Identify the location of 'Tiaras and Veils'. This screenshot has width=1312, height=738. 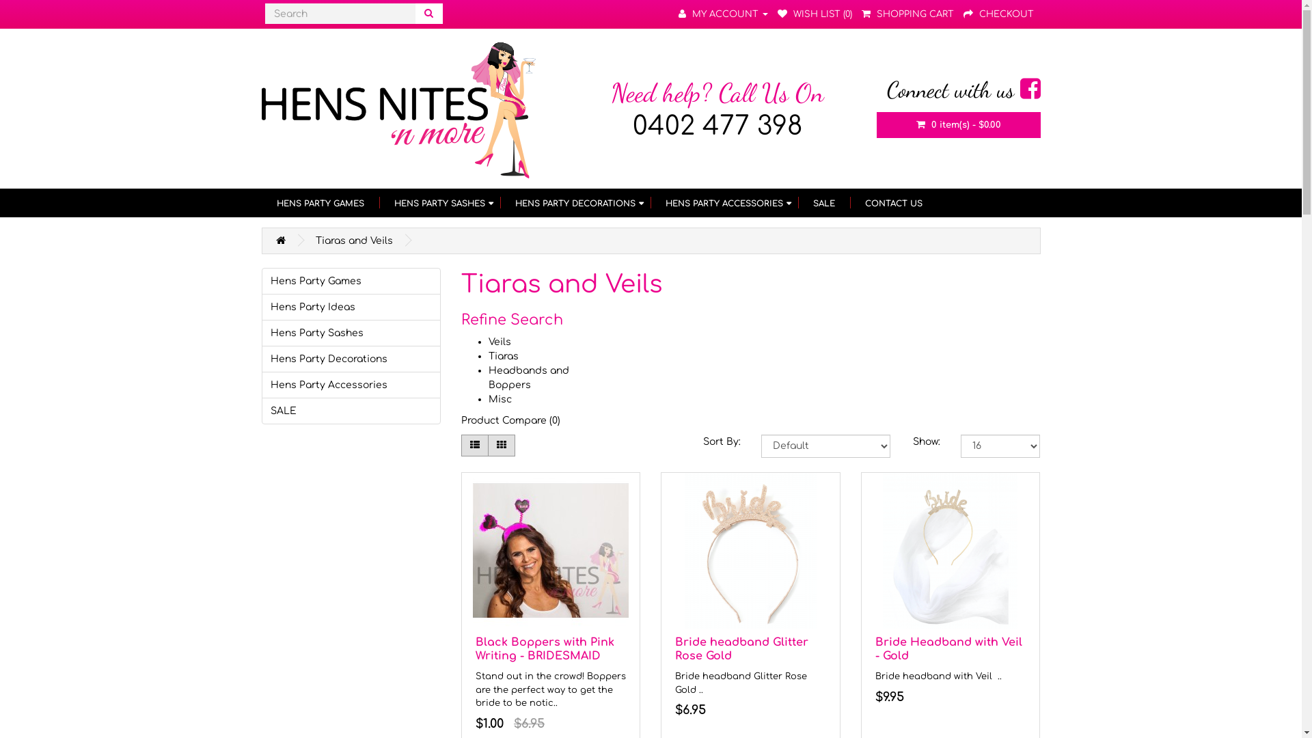
(354, 240).